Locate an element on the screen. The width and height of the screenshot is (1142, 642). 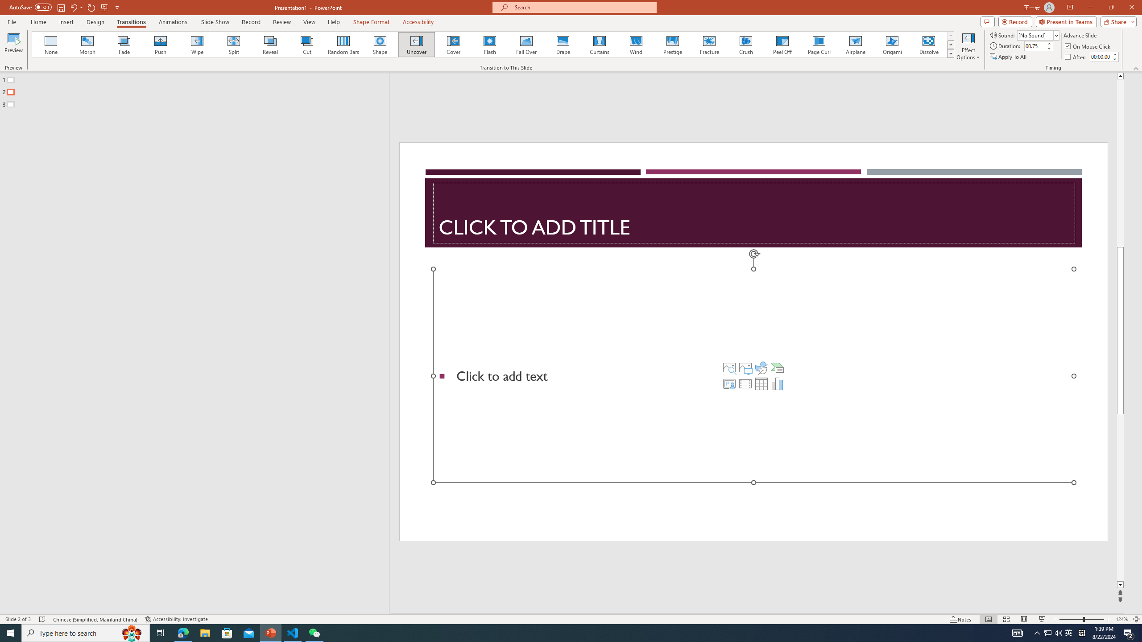
'Prestige' is located at coordinates (672, 44).